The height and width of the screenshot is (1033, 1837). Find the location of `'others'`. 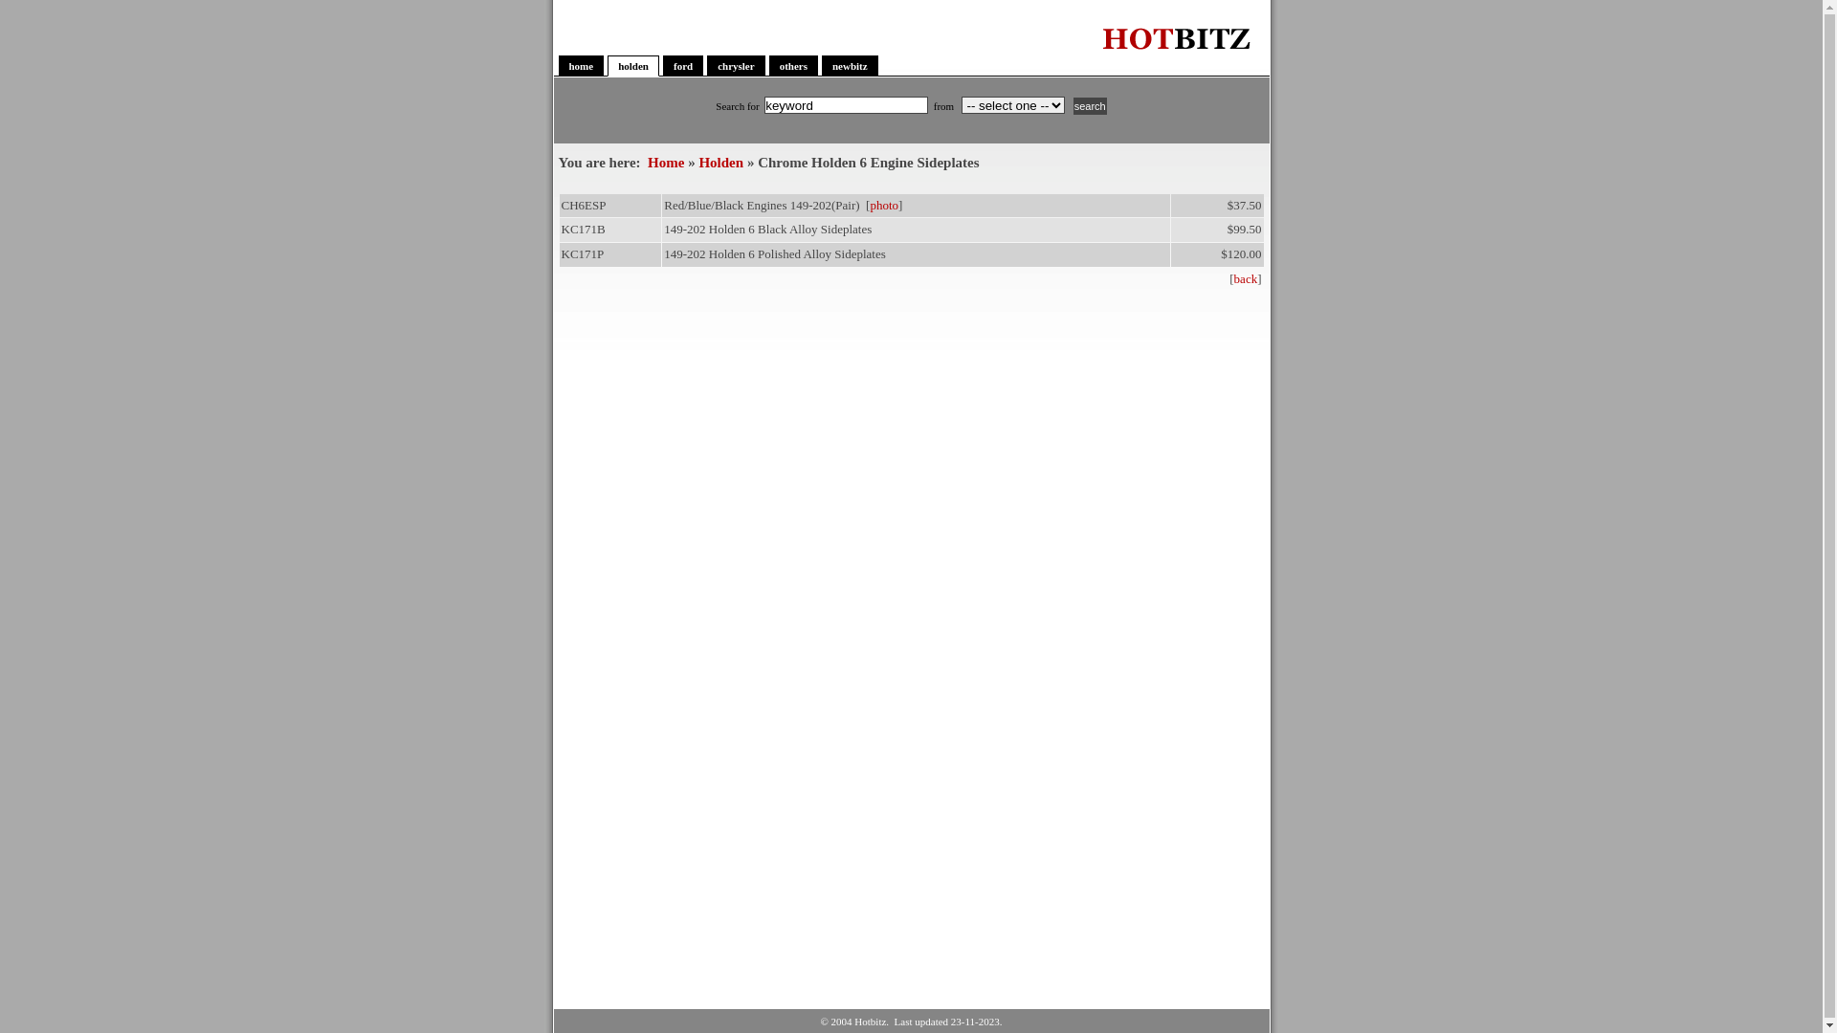

'others' is located at coordinates (793, 65).